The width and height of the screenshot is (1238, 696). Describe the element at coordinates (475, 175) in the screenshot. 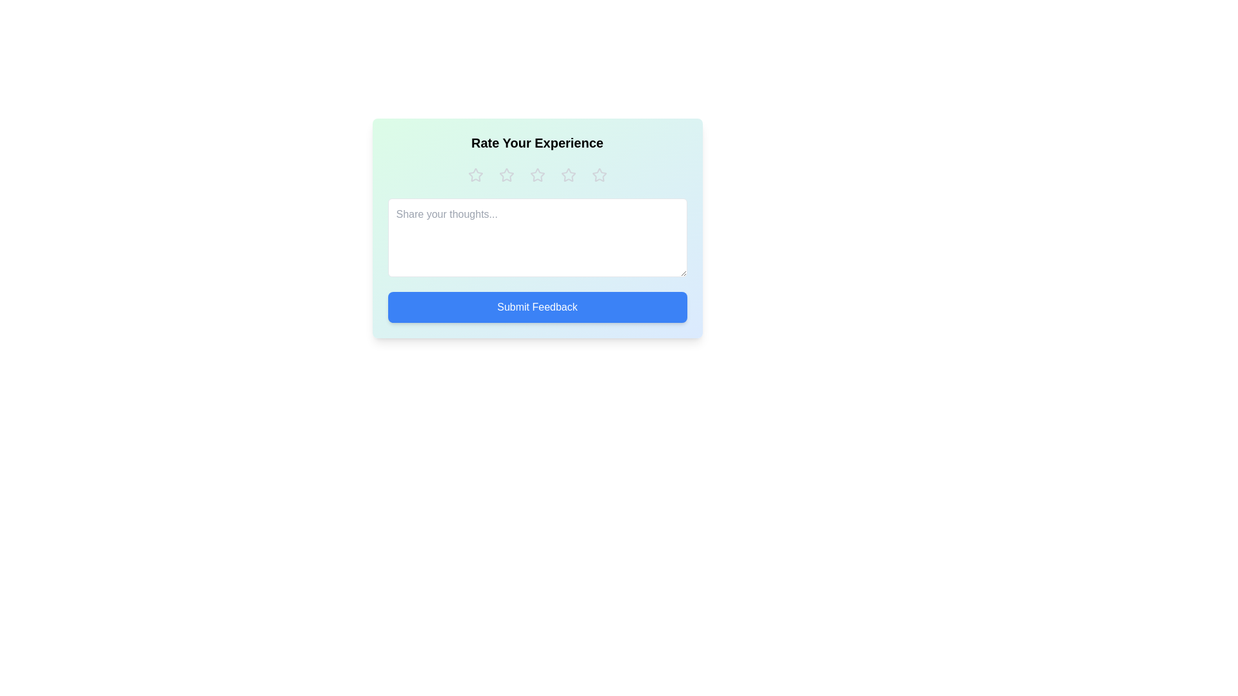

I see `the star corresponding to 1 to preview the rating` at that location.